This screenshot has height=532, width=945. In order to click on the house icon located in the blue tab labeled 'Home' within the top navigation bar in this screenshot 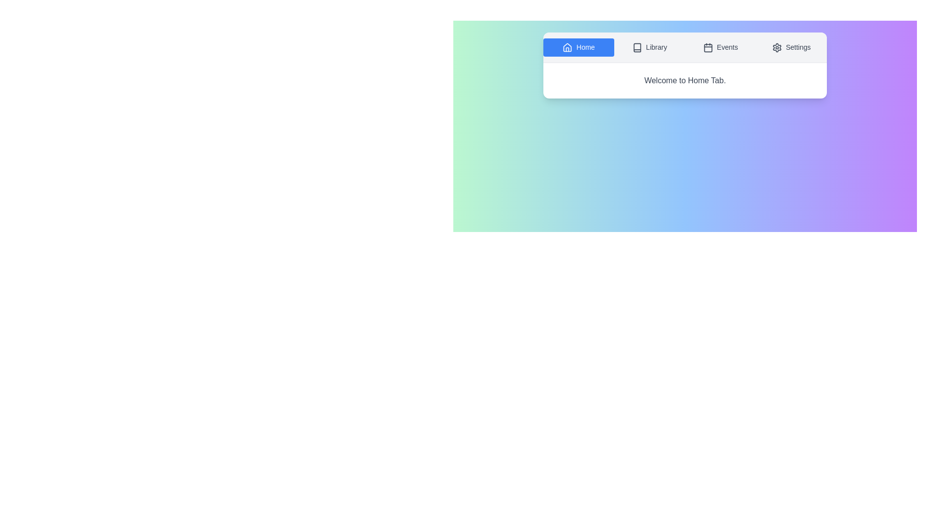, I will do `click(567, 47)`.